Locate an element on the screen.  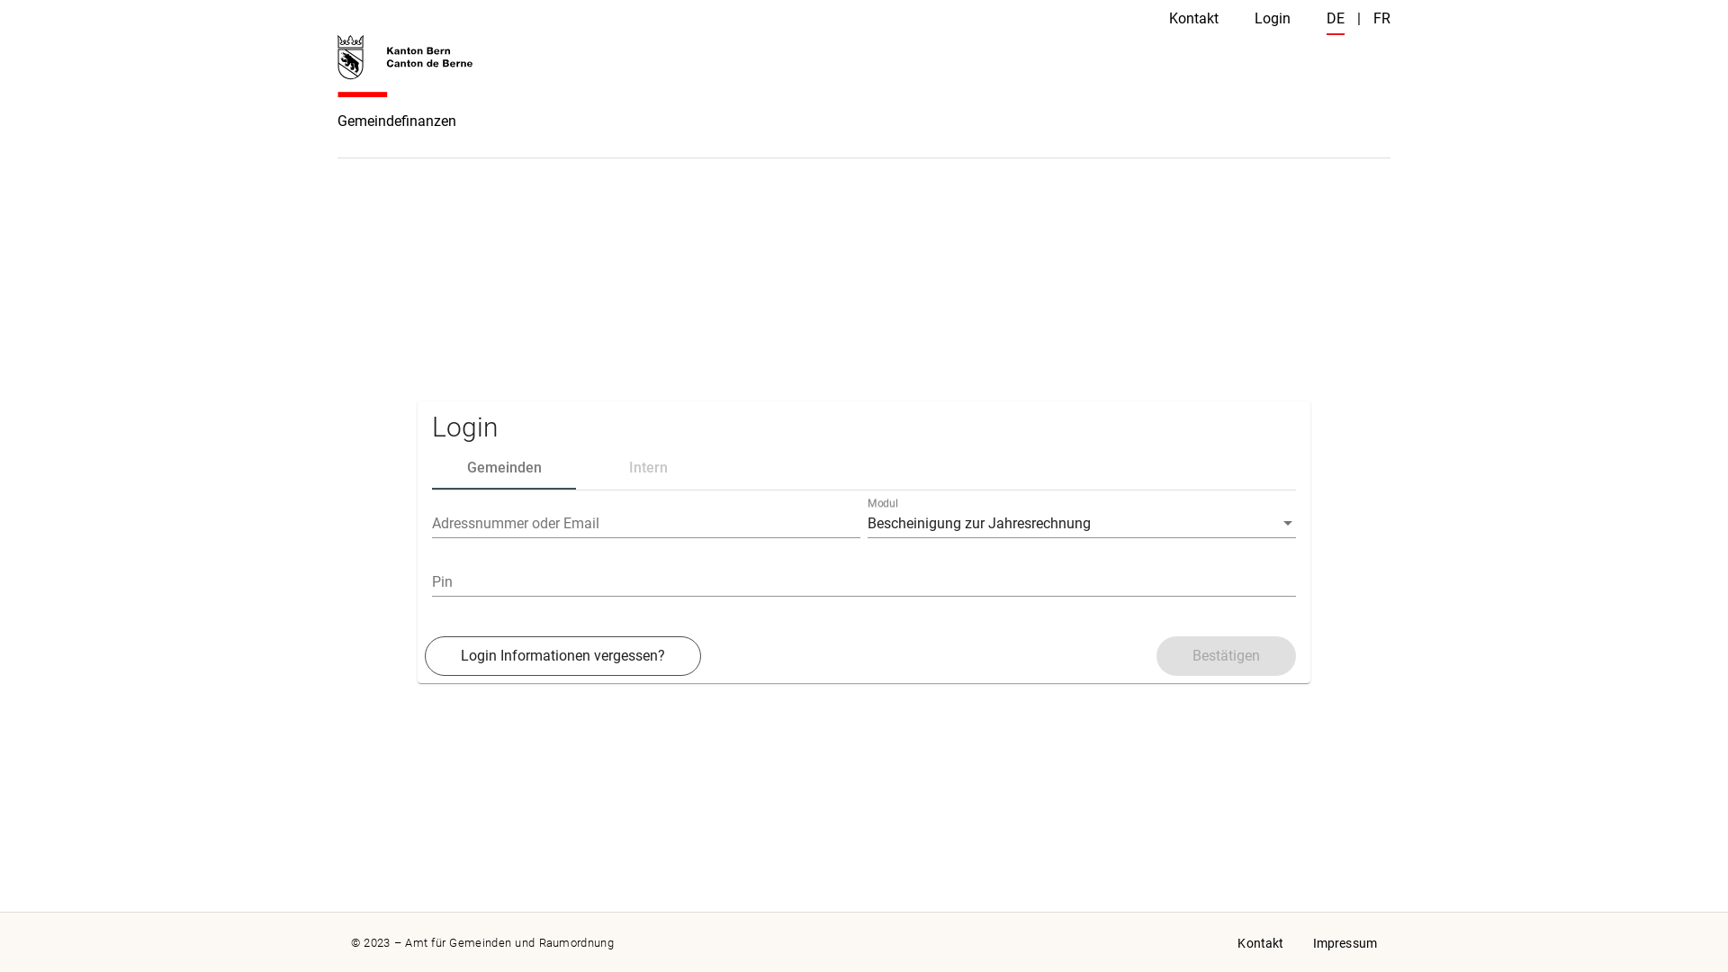
'Impressum' is located at coordinates (1345, 942).